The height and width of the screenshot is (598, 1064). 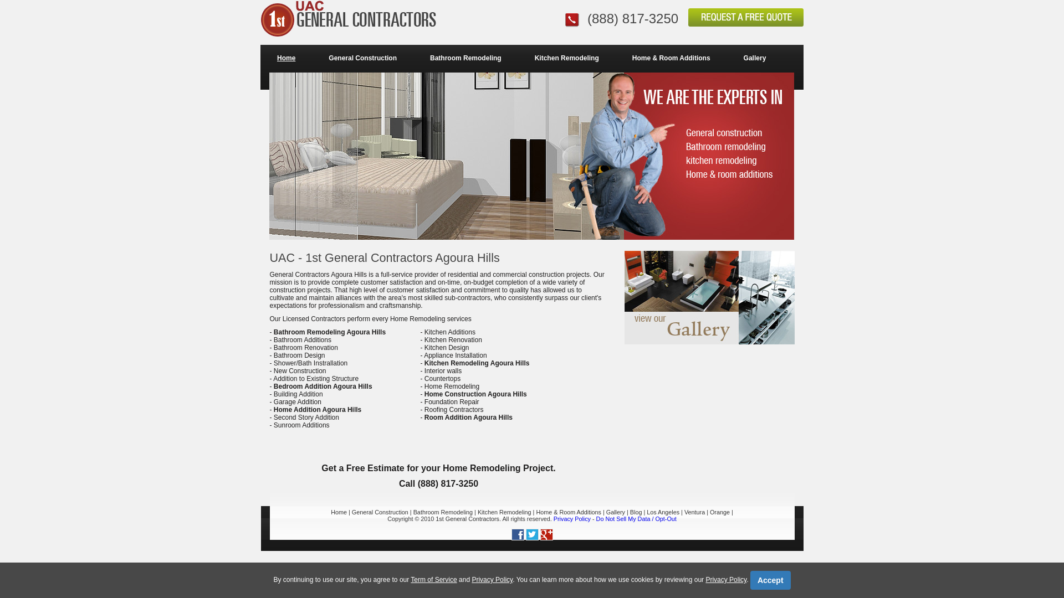 What do you see at coordinates (535, 512) in the screenshot?
I see `'Home & Room Additions'` at bounding box center [535, 512].